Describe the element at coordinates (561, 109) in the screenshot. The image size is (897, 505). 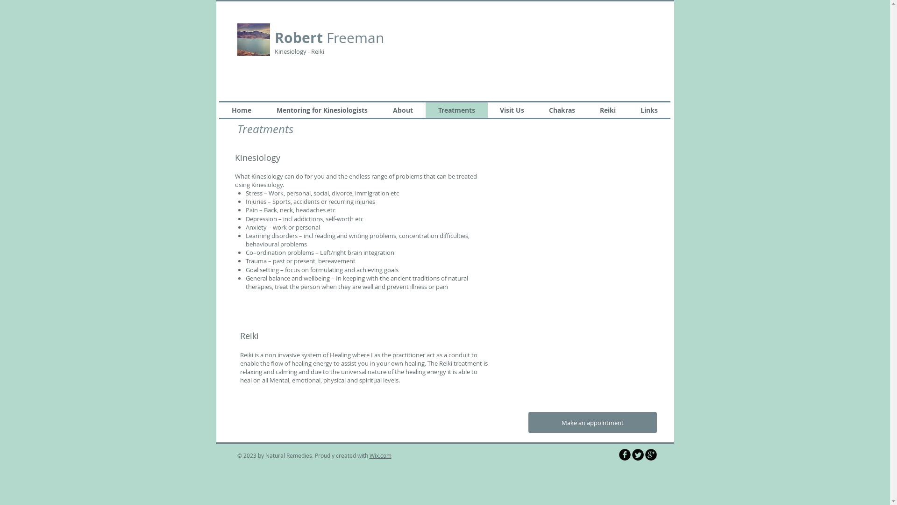
I see `'Chakras'` at that location.